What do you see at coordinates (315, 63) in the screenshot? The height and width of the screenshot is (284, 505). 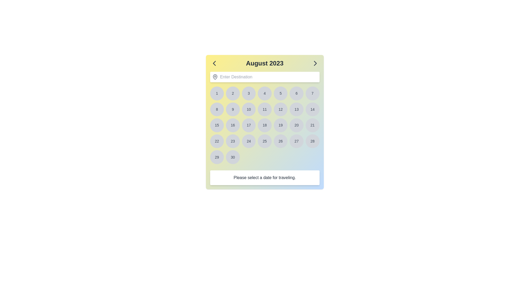 I see `the right-pointing chevron icon located to the far right of the 'August 2023' heading for a tooltip or highlight effect` at bounding box center [315, 63].